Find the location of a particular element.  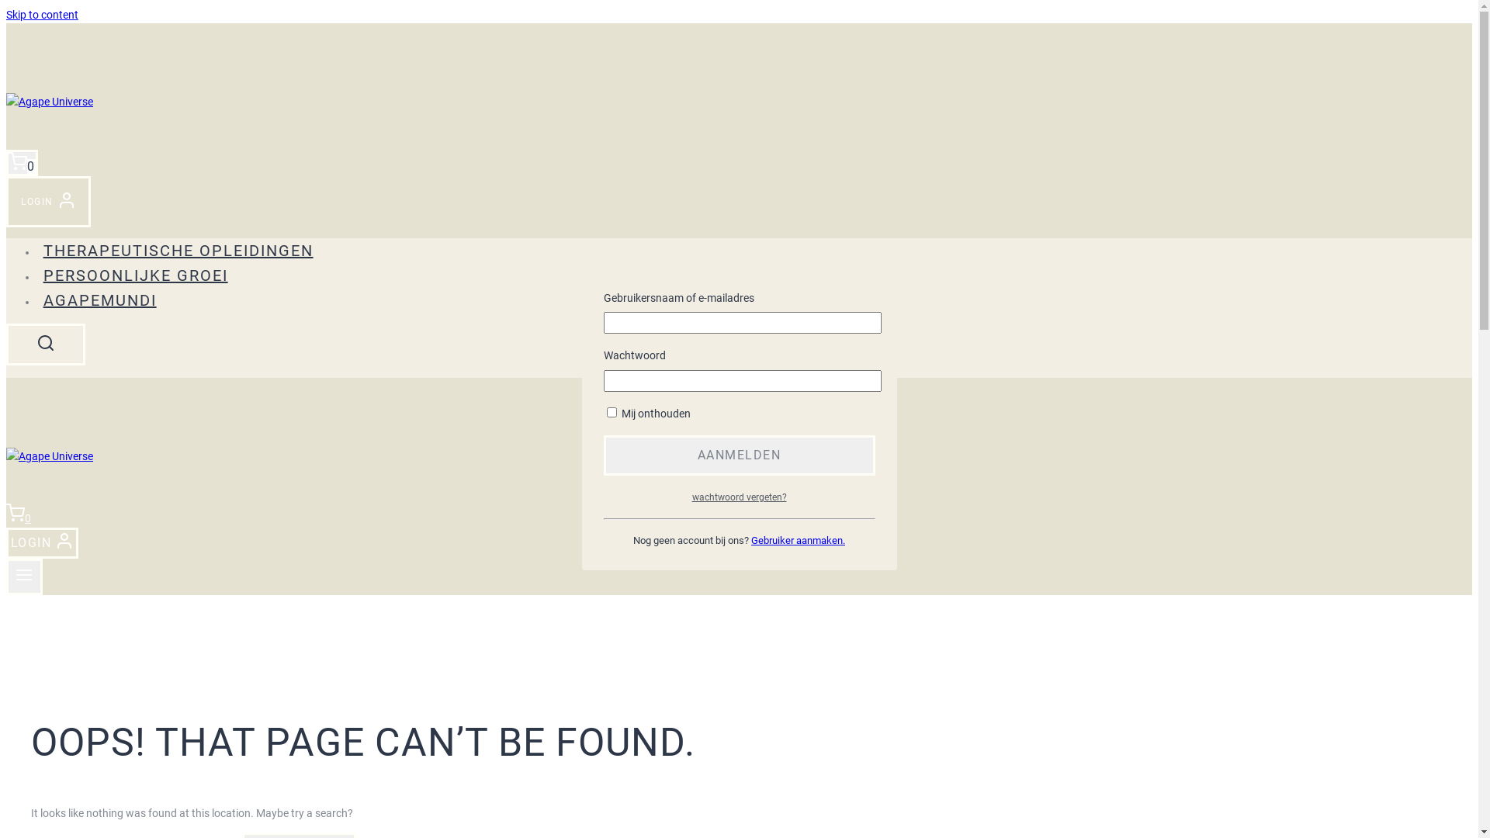

'Skip to content' is located at coordinates (42, 15).